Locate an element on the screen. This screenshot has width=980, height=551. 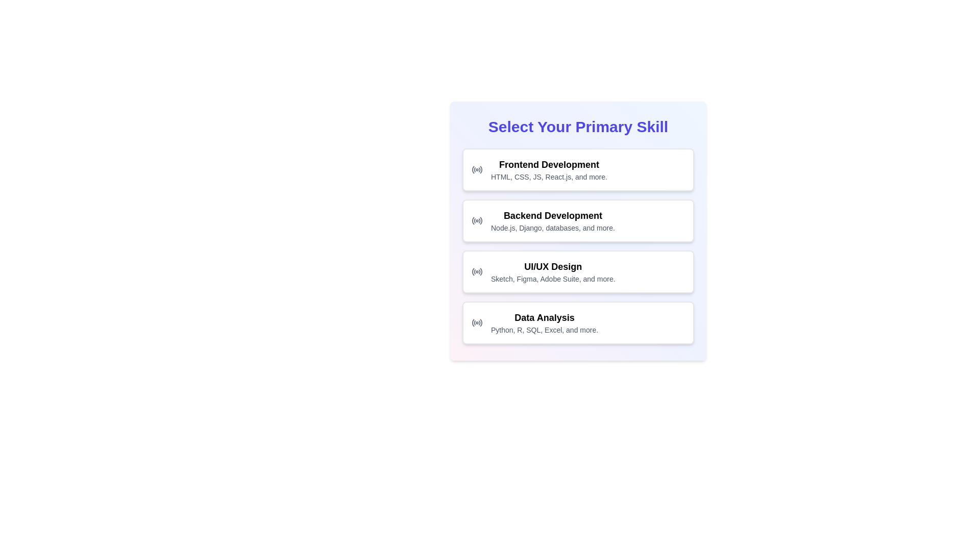
the light-gray text that reads 'Sketch, Figma, Adobe Suite, and more.' located directly below the 'UI/UX Design' heading in the third selectable card is located at coordinates (552, 279).